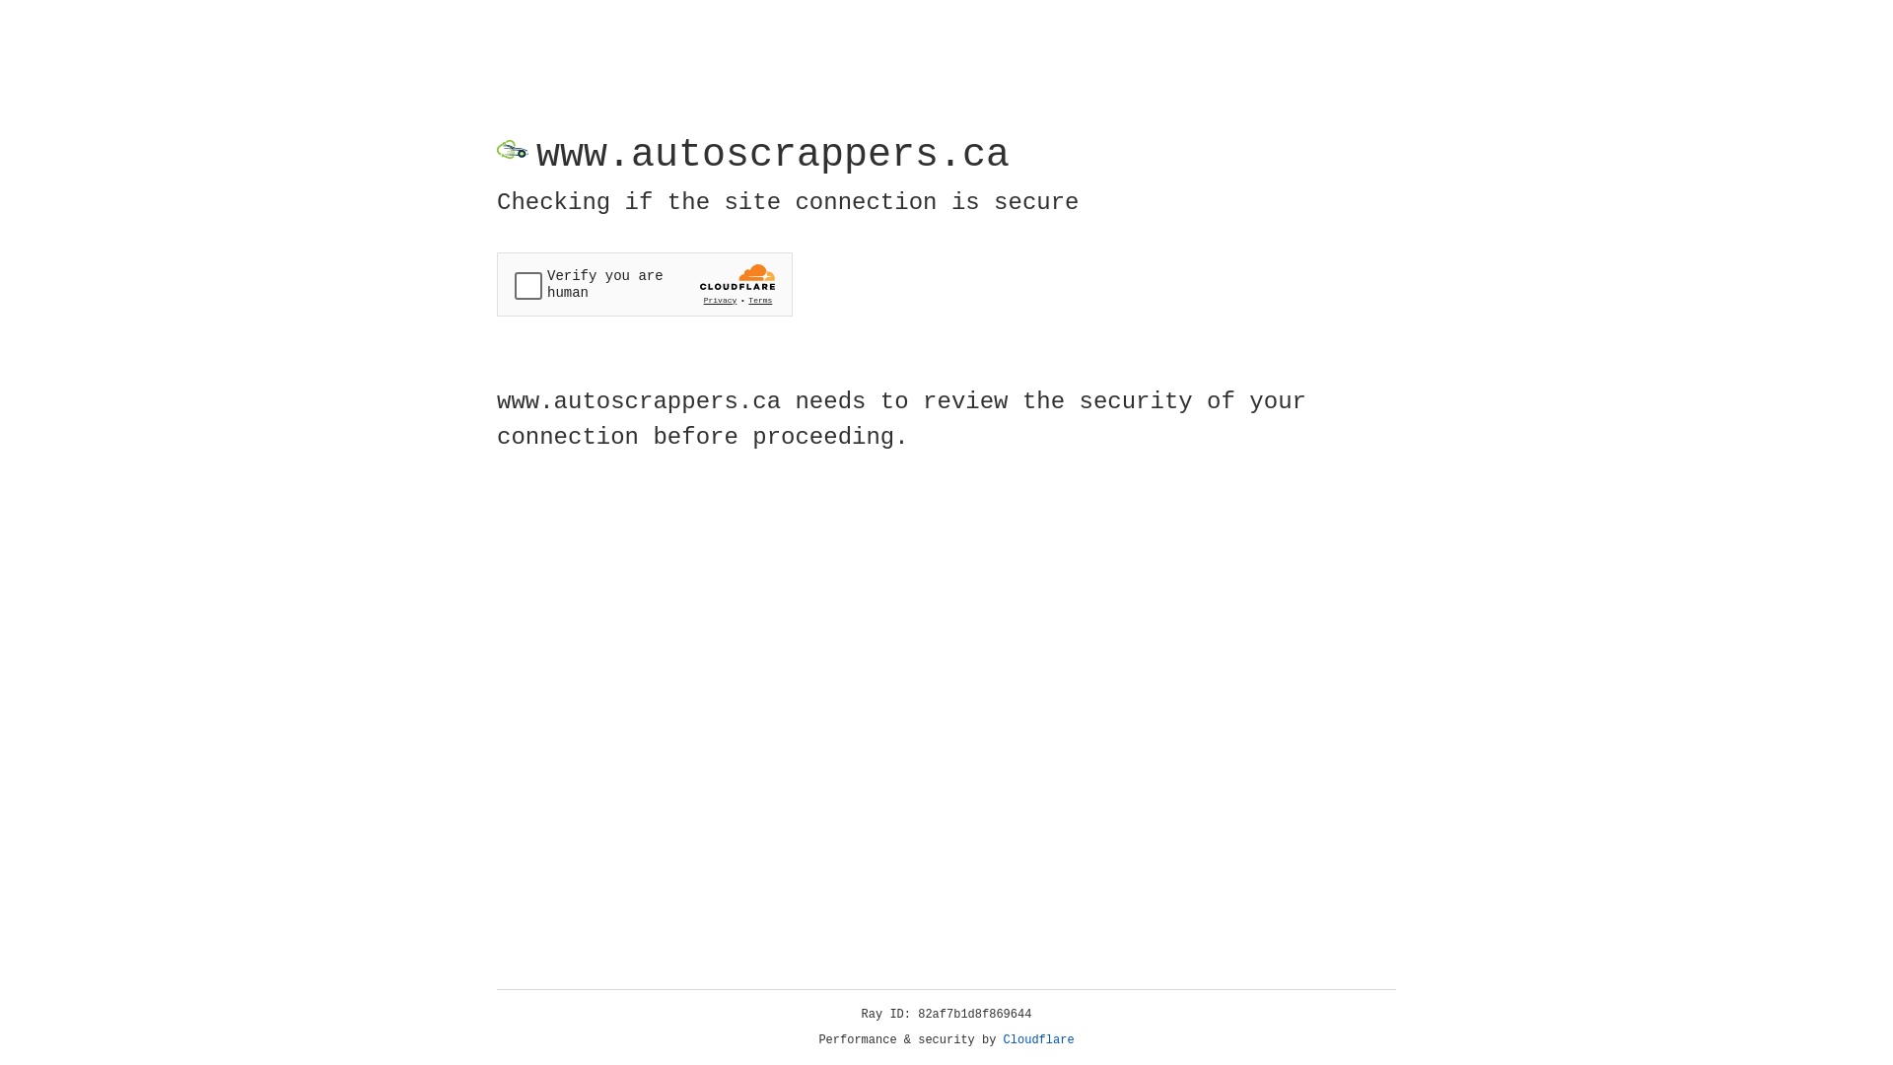 The width and height of the screenshot is (1893, 1065). What do you see at coordinates (644, 284) in the screenshot?
I see `'Widget containing a Cloudflare security challenge'` at bounding box center [644, 284].